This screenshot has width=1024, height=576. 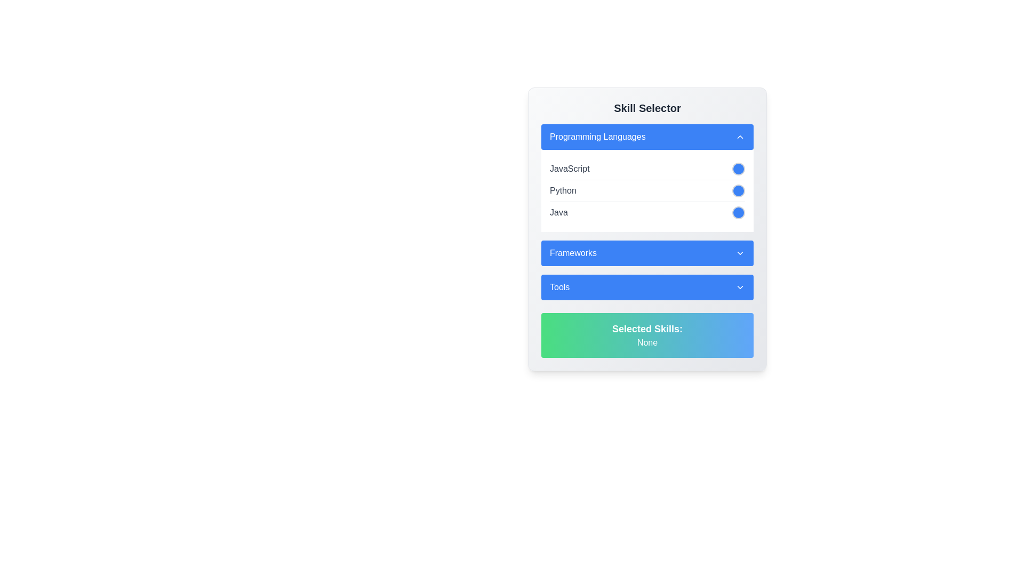 What do you see at coordinates (569, 168) in the screenshot?
I see `the 'JavaScript' text label in the 'Programming Languages' section` at bounding box center [569, 168].